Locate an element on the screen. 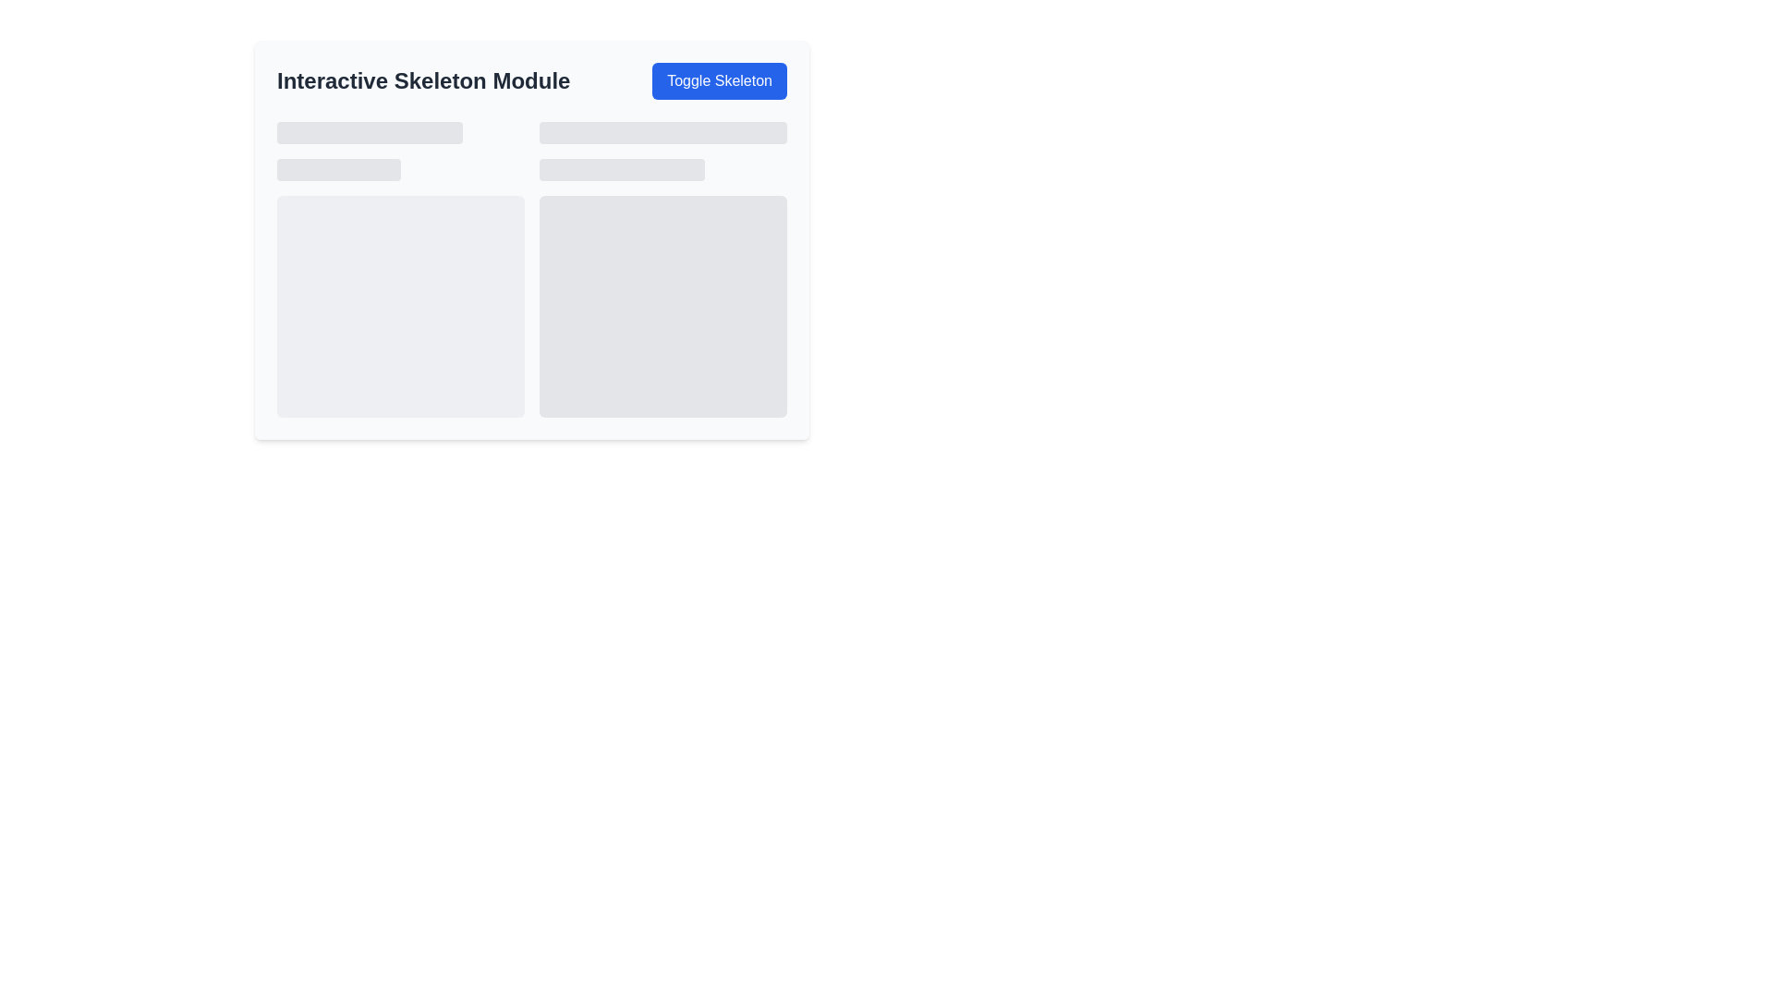 This screenshot has width=1774, height=998. the skeleton loader element, which consists of three vertically aligned gray placeholders simulating a loading state is located at coordinates (663, 270).